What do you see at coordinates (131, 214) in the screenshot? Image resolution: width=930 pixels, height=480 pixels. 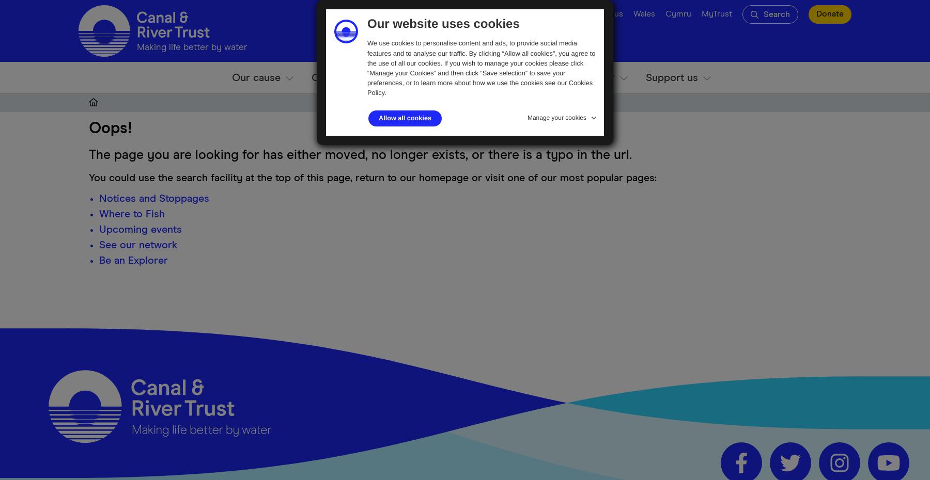 I see `'Where to Fish'` at bounding box center [131, 214].